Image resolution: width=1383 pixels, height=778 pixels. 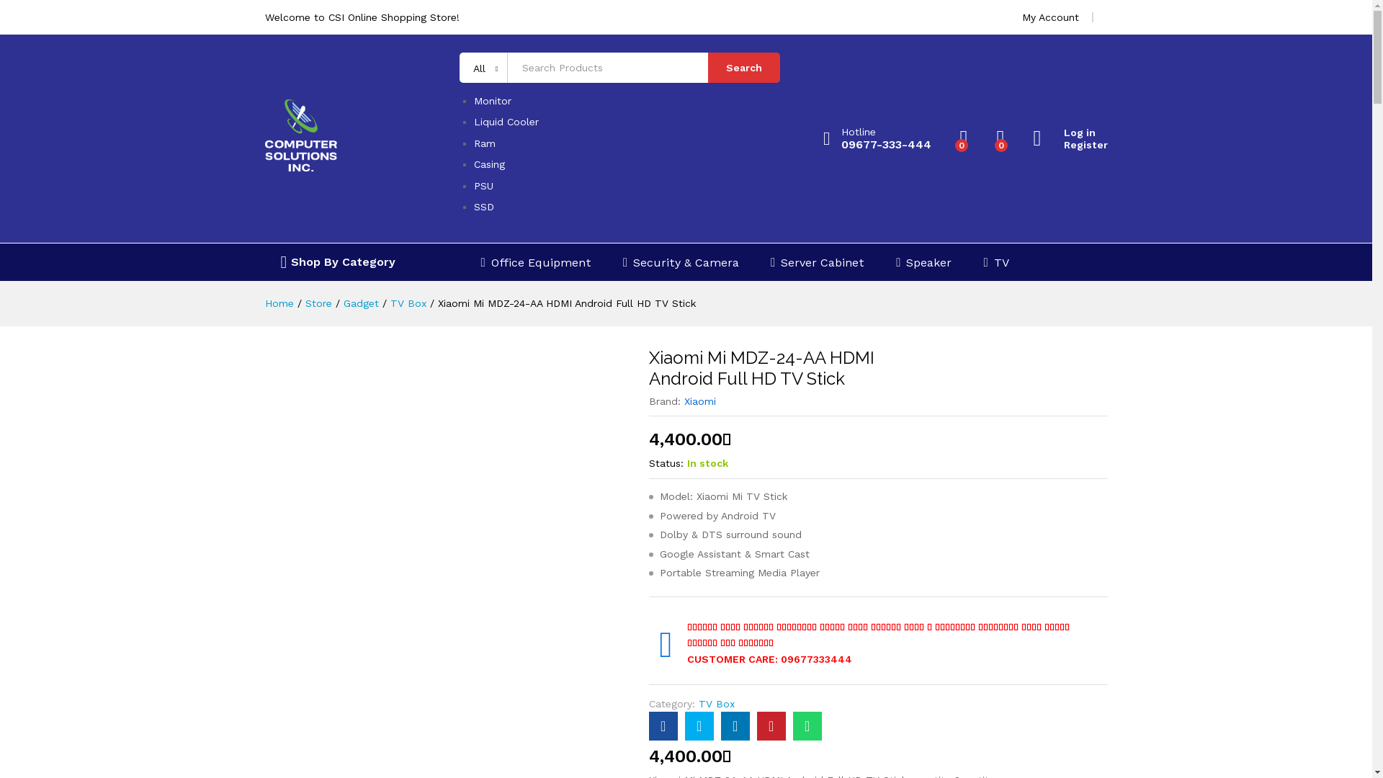 What do you see at coordinates (484, 206) in the screenshot?
I see `'SSD'` at bounding box center [484, 206].